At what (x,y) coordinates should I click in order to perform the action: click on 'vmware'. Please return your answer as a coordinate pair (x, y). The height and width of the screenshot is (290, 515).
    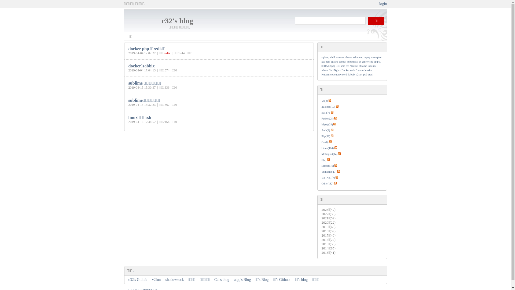
    Looking at the image, I should click on (340, 57).